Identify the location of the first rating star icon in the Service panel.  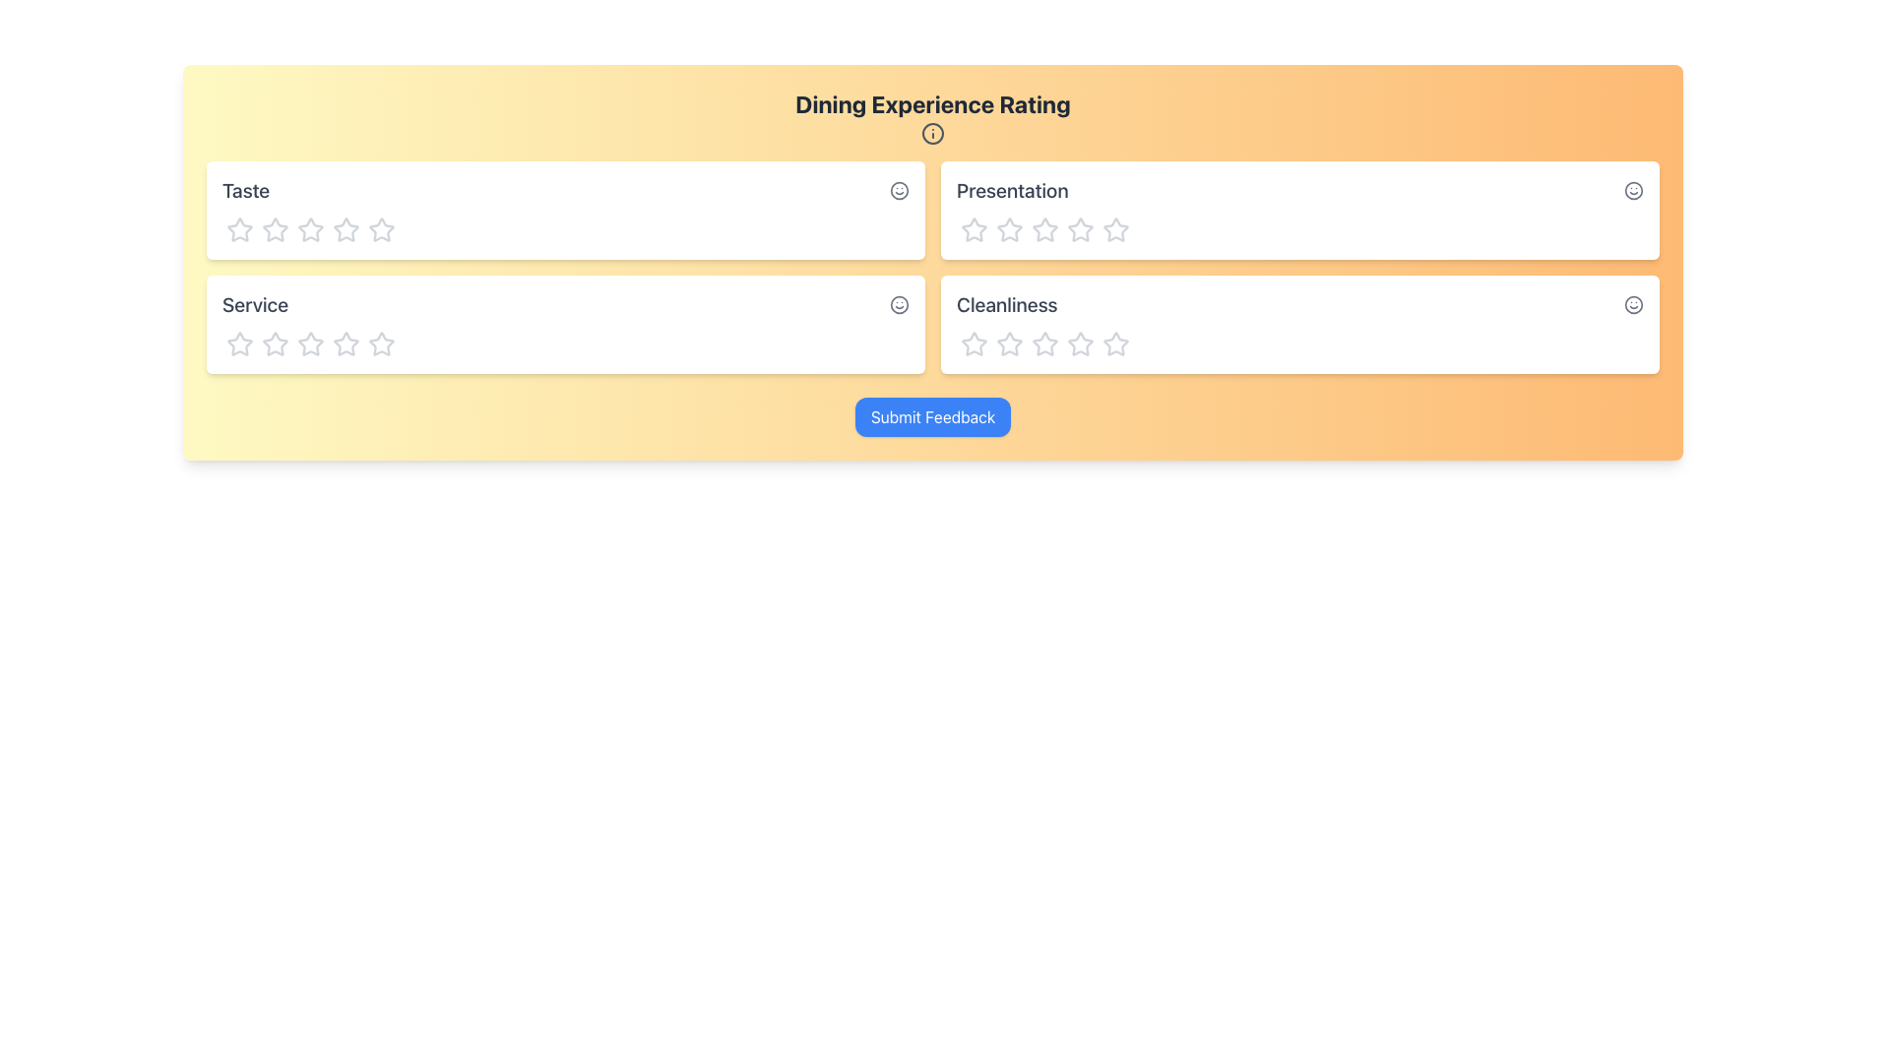
(274, 343).